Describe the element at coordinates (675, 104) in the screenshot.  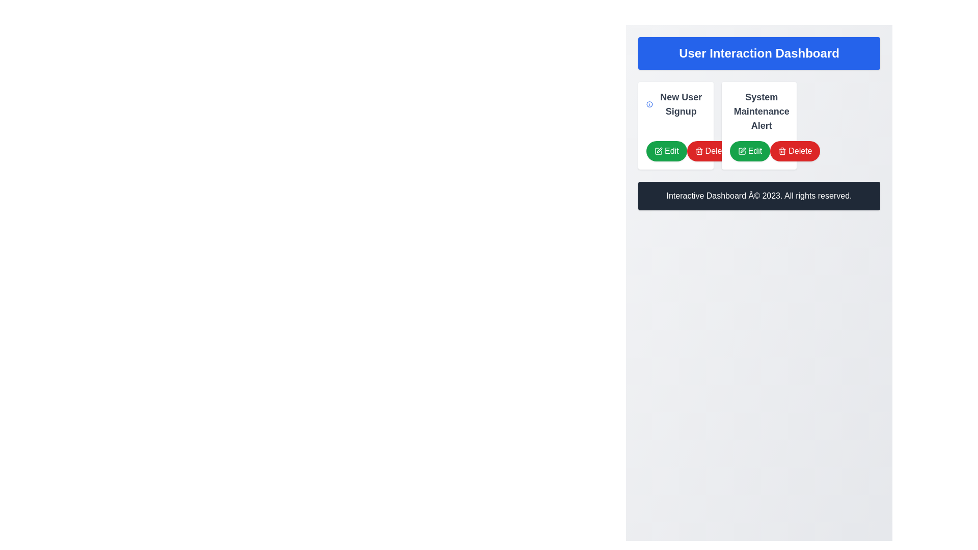
I see `the blue circular icon with an 'i' next to the 'New User Signup' label for additional information` at that location.